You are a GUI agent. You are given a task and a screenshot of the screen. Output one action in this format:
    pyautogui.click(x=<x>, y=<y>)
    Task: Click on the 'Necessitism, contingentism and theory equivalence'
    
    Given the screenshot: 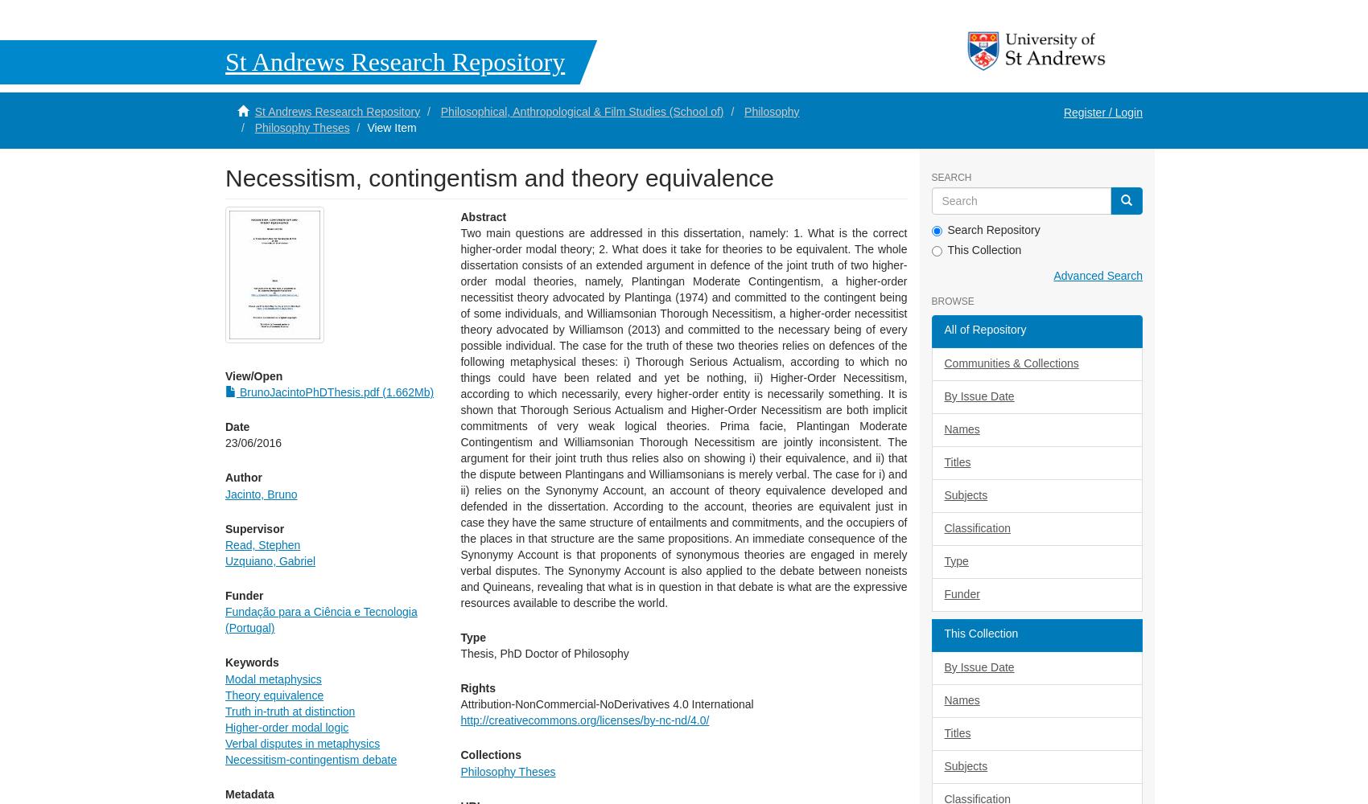 What is the action you would take?
    pyautogui.click(x=499, y=176)
    